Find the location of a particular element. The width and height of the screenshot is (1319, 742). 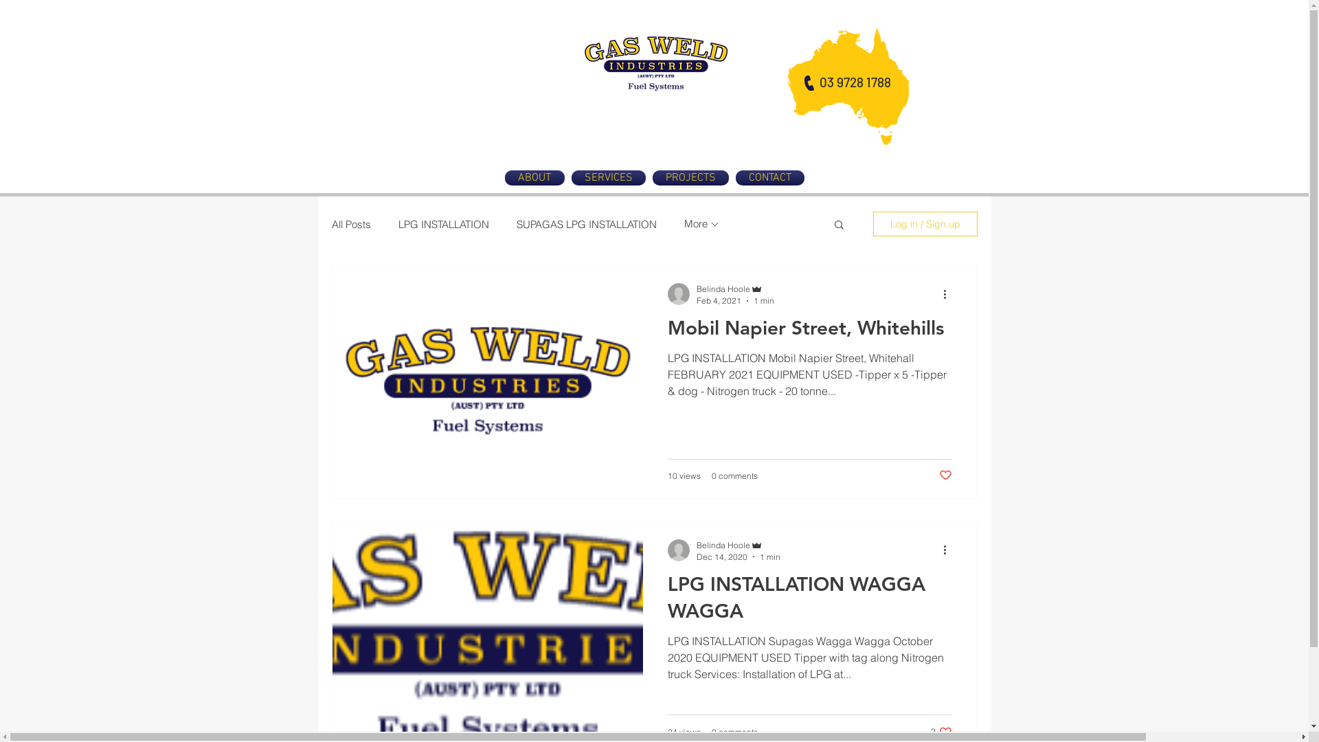

'0 comments' is located at coordinates (712, 475).